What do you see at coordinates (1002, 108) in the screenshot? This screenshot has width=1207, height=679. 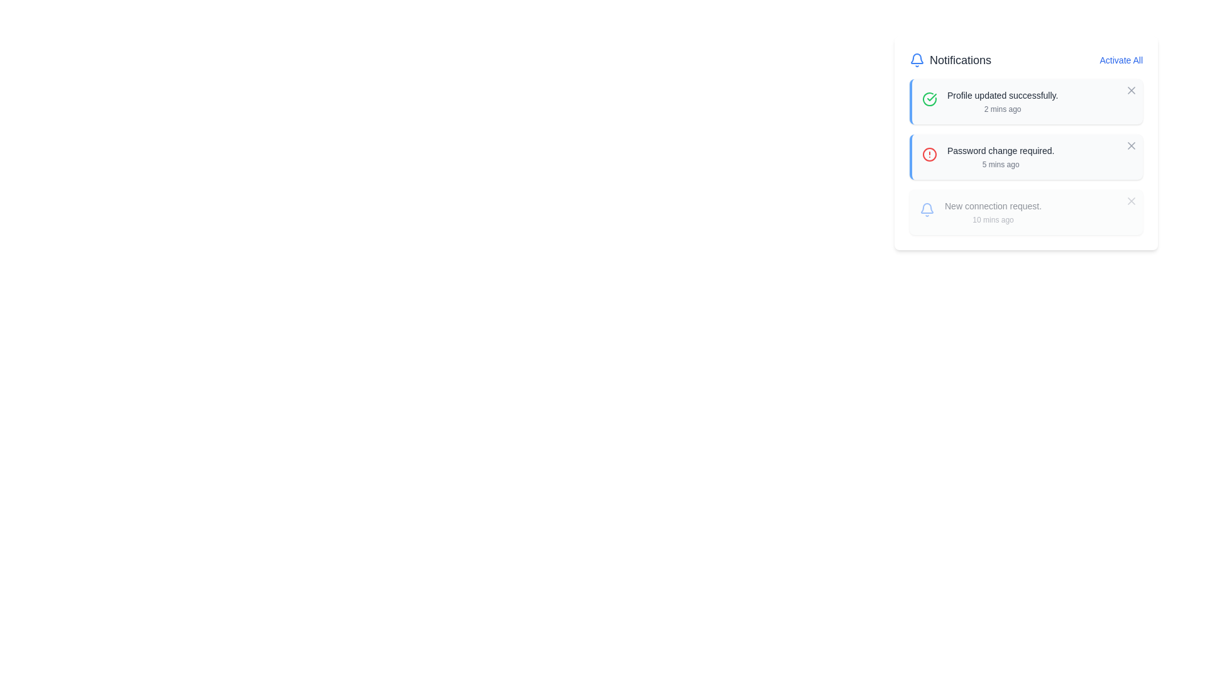 I see `timestamp text label located under the notification message 'Profile updated successfully.' in the notification panel` at bounding box center [1002, 108].